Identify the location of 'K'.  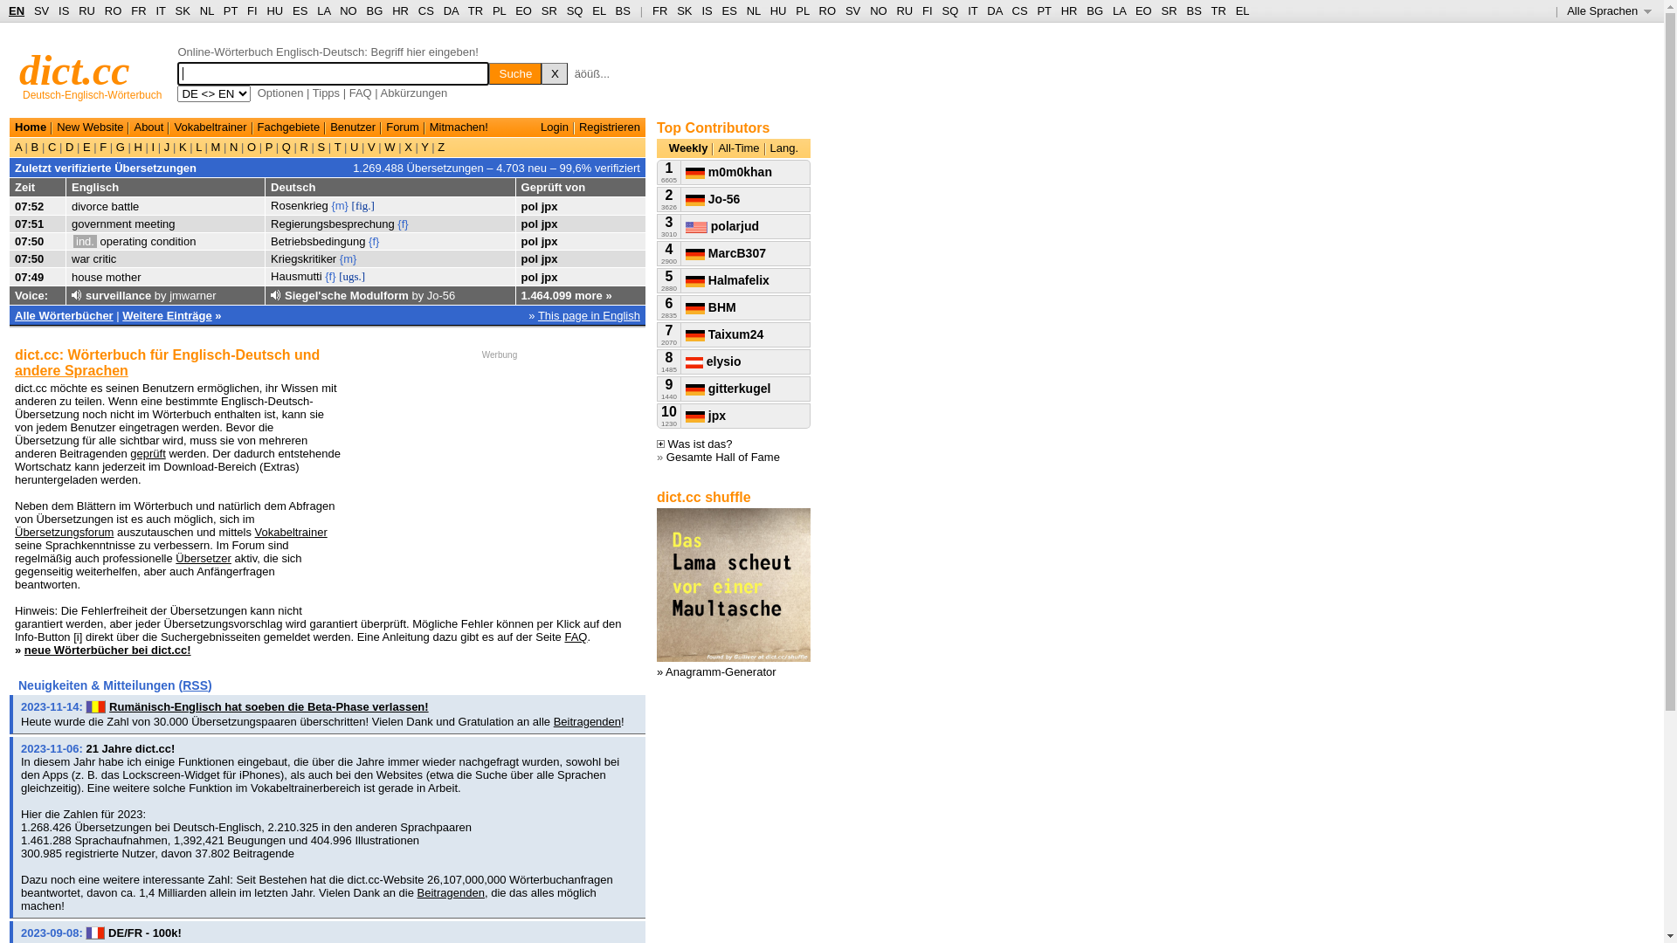
(183, 146).